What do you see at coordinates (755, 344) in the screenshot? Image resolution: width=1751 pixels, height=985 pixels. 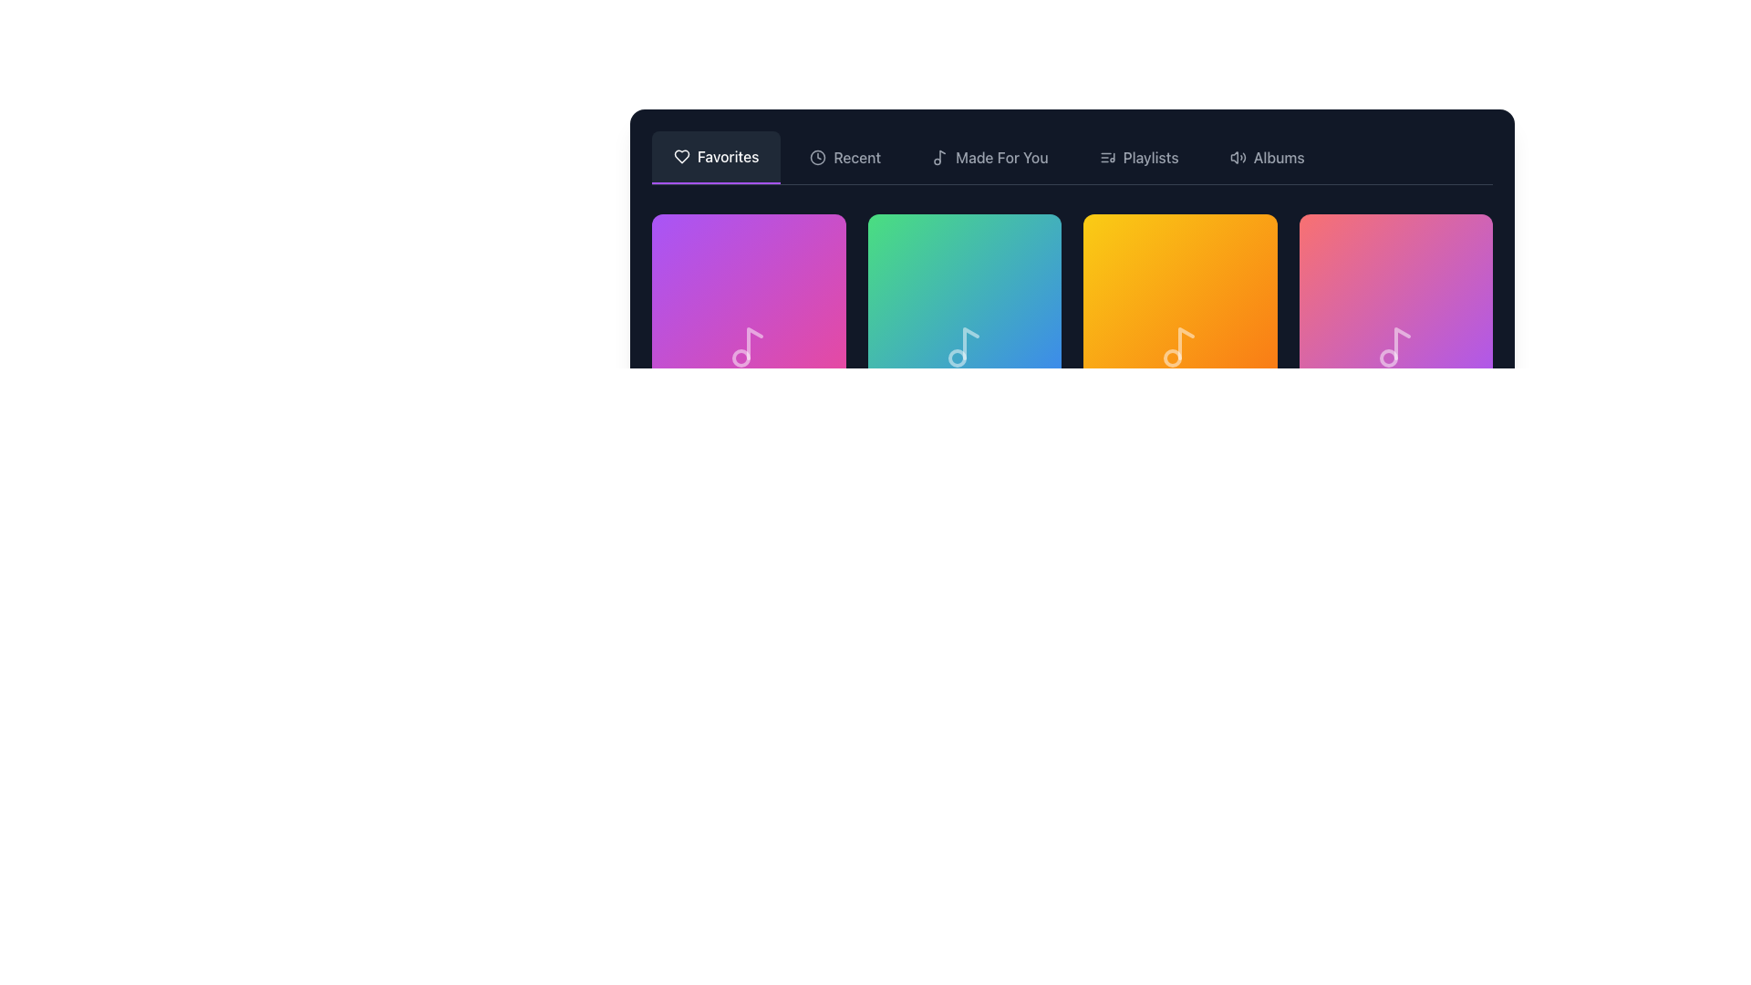 I see `the vertical line resembling a musical note stem in the SVG graphic located in the top-left card with a pink gradient background in the 'Favorites' tab` at bounding box center [755, 344].